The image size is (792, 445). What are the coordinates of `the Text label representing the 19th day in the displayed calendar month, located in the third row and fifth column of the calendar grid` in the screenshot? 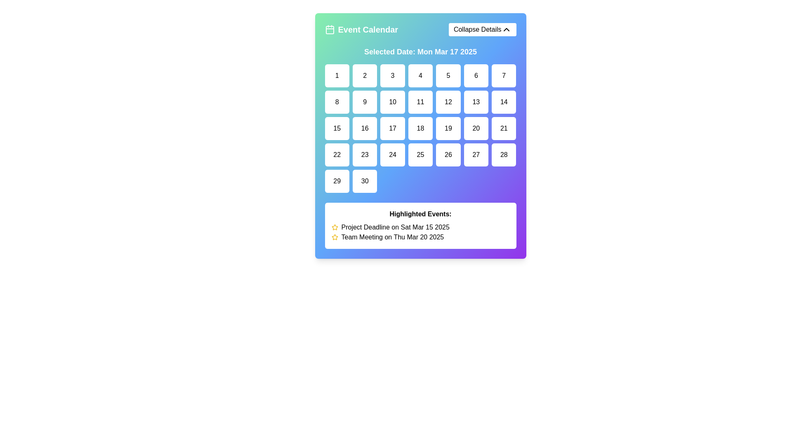 It's located at (448, 129).